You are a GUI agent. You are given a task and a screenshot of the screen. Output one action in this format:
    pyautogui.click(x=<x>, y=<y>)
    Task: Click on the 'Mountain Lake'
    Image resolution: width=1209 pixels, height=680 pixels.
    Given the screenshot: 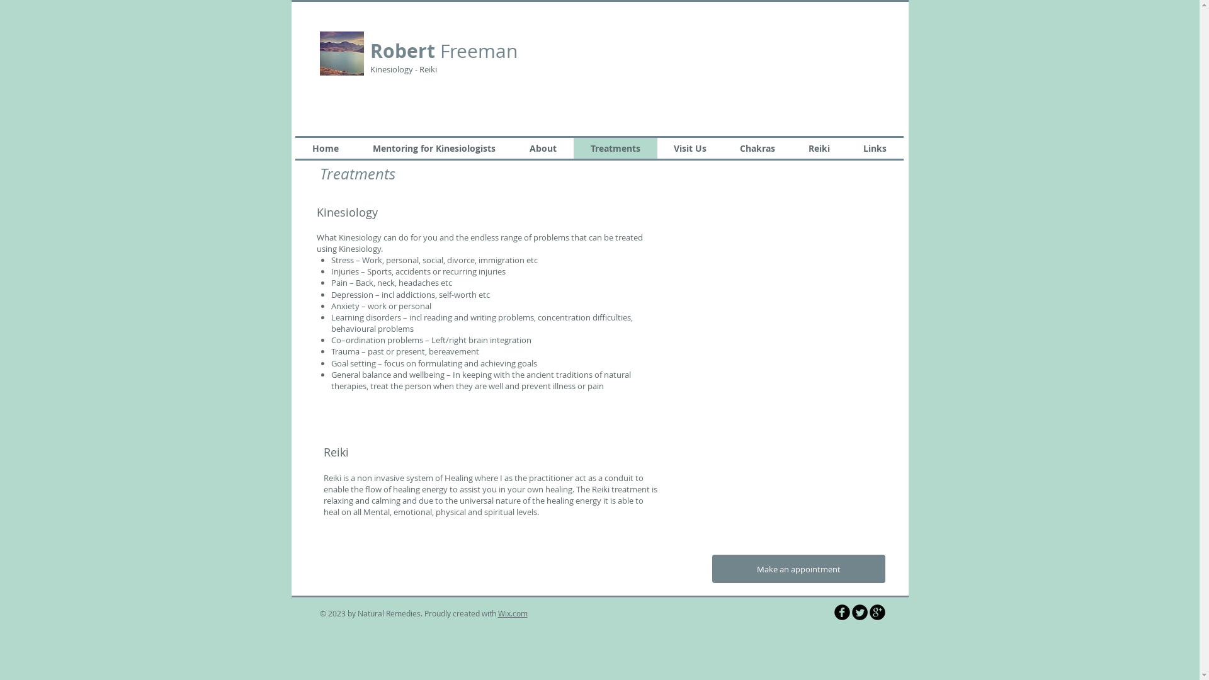 What is the action you would take?
    pyautogui.click(x=341, y=52)
    